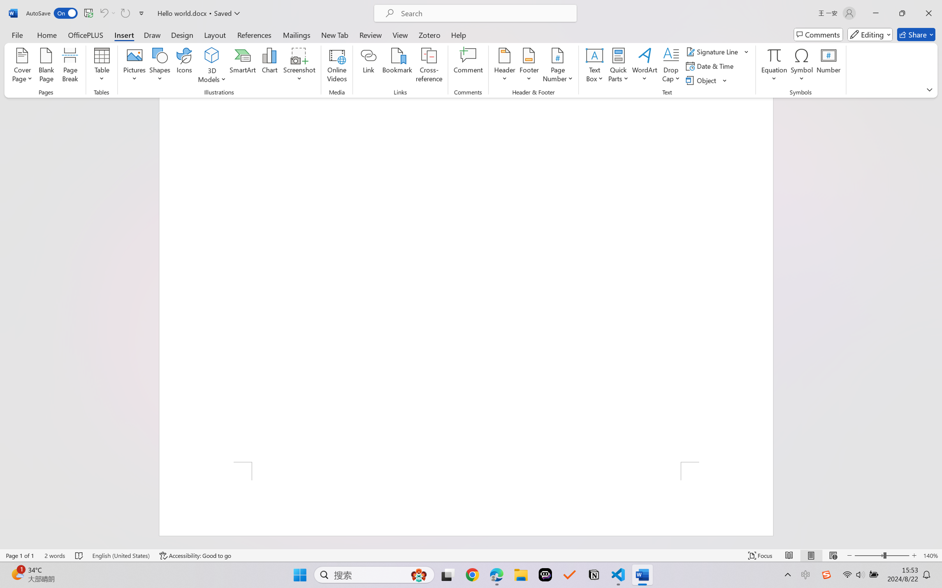 This screenshot has width=942, height=588. Describe the element at coordinates (17, 574) in the screenshot. I see `'AutomationID: BadgeAnchorLargeTicker'` at that location.